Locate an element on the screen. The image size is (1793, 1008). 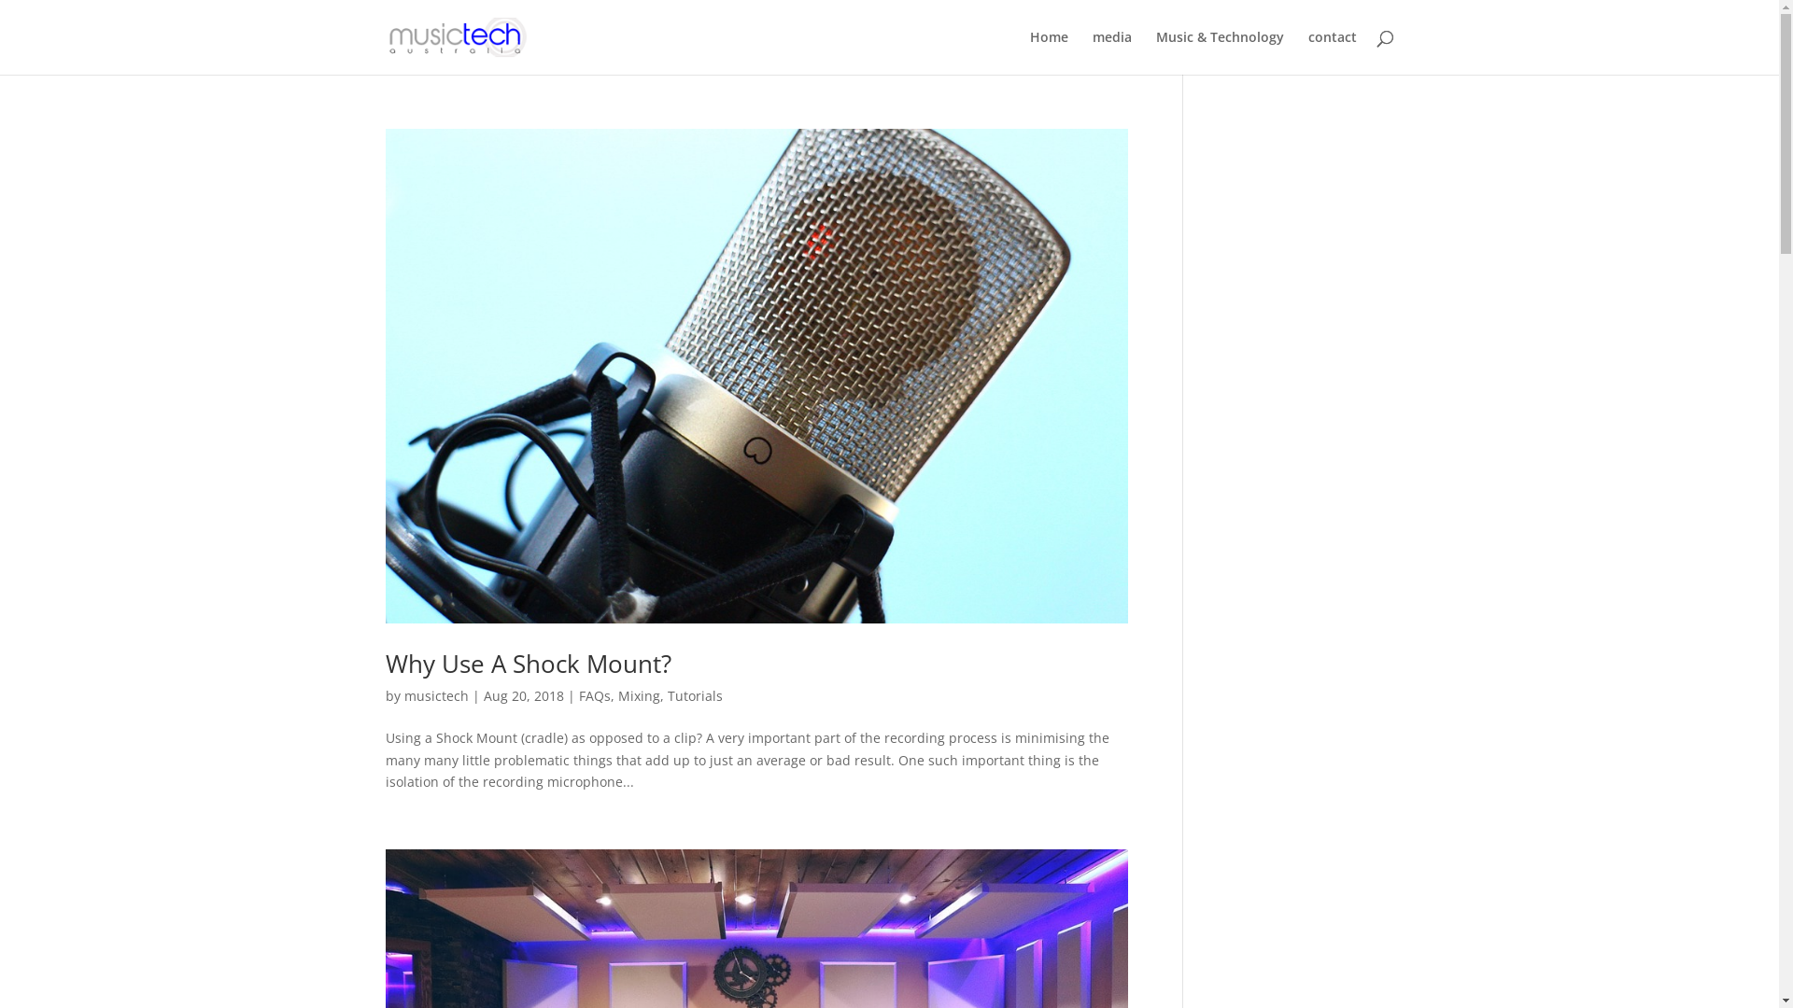
'musictech' is located at coordinates (434, 695).